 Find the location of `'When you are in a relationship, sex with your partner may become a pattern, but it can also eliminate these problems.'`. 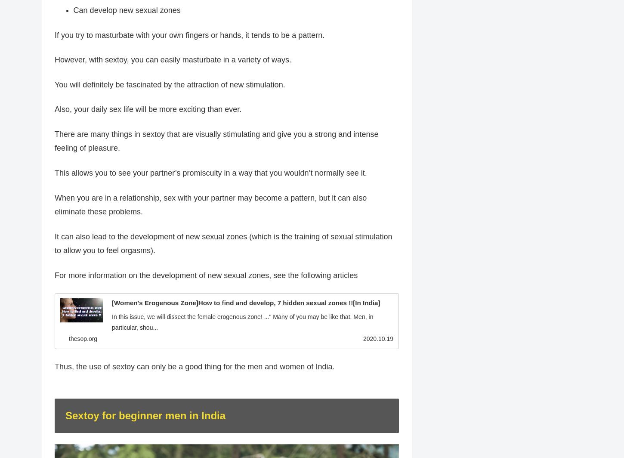

'When you are in a relationship, sex with your partner may become a pattern, but it can also eliminate these problems.' is located at coordinates (54, 204).